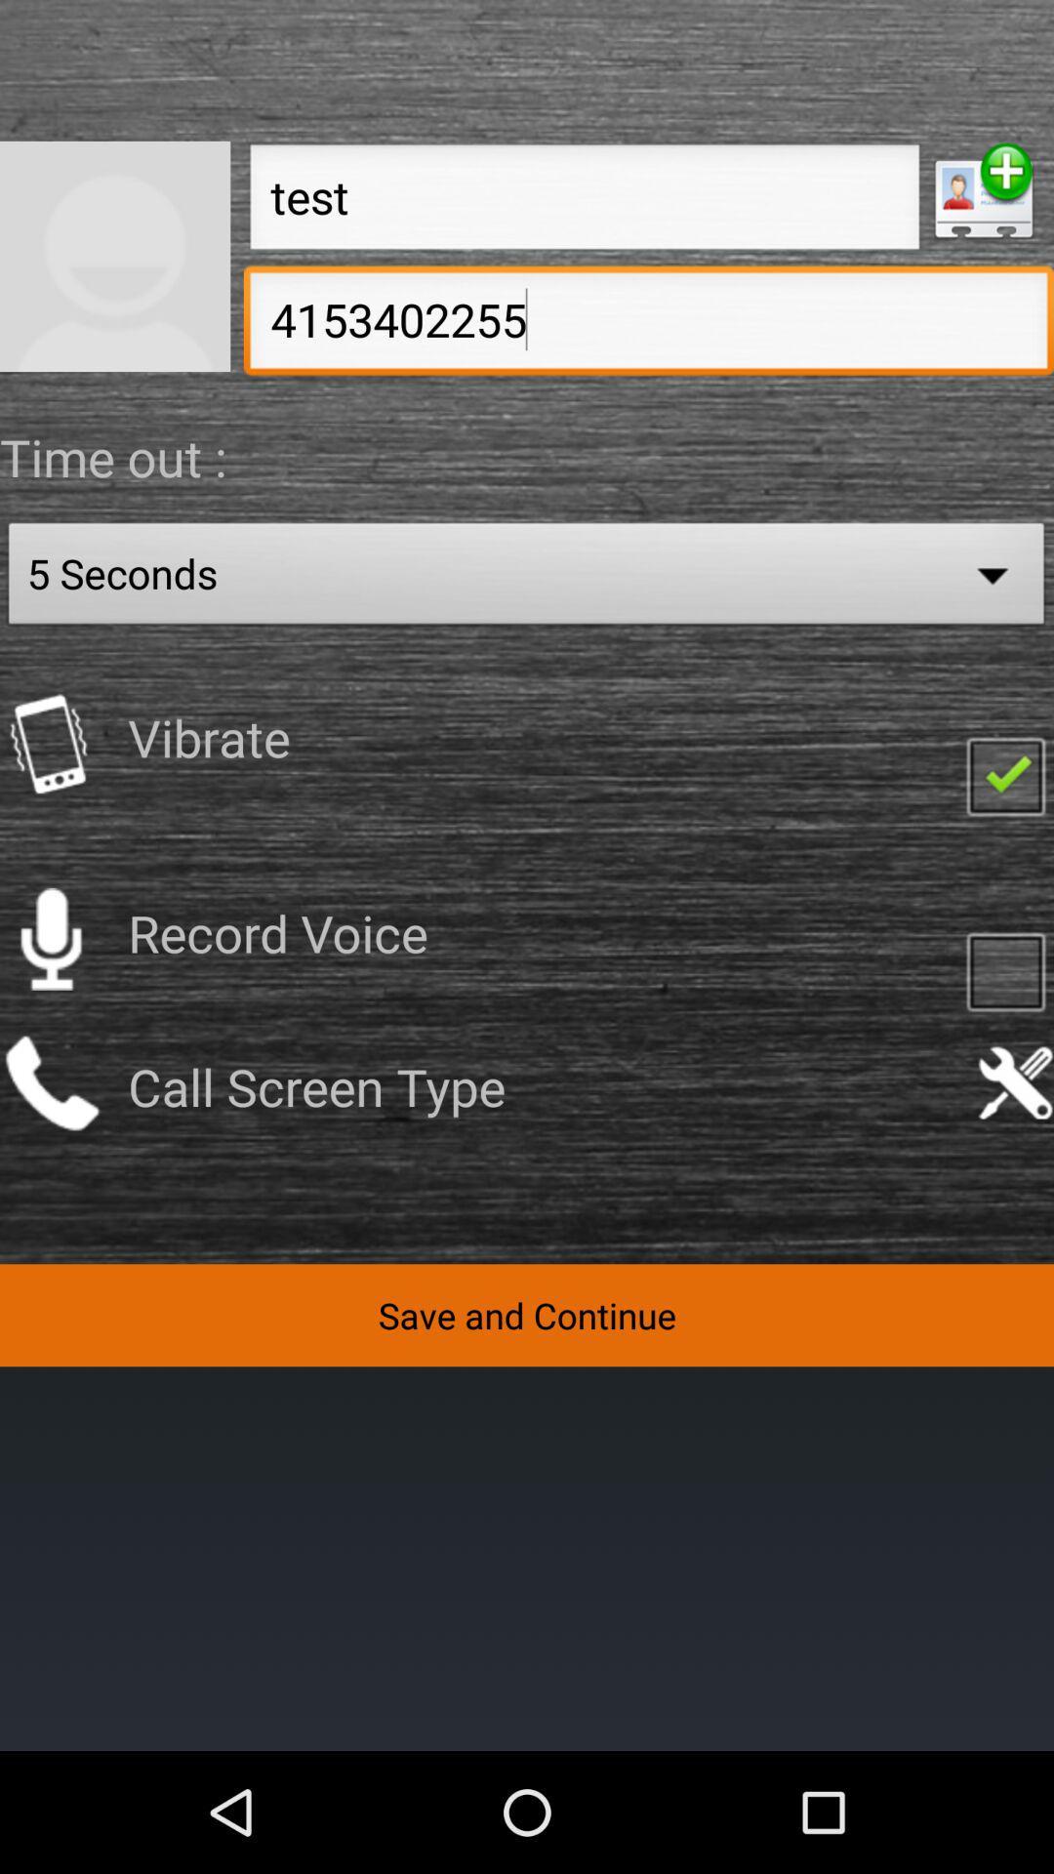 The height and width of the screenshot is (1874, 1054). I want to click on tools button, so click(1014, 1082).